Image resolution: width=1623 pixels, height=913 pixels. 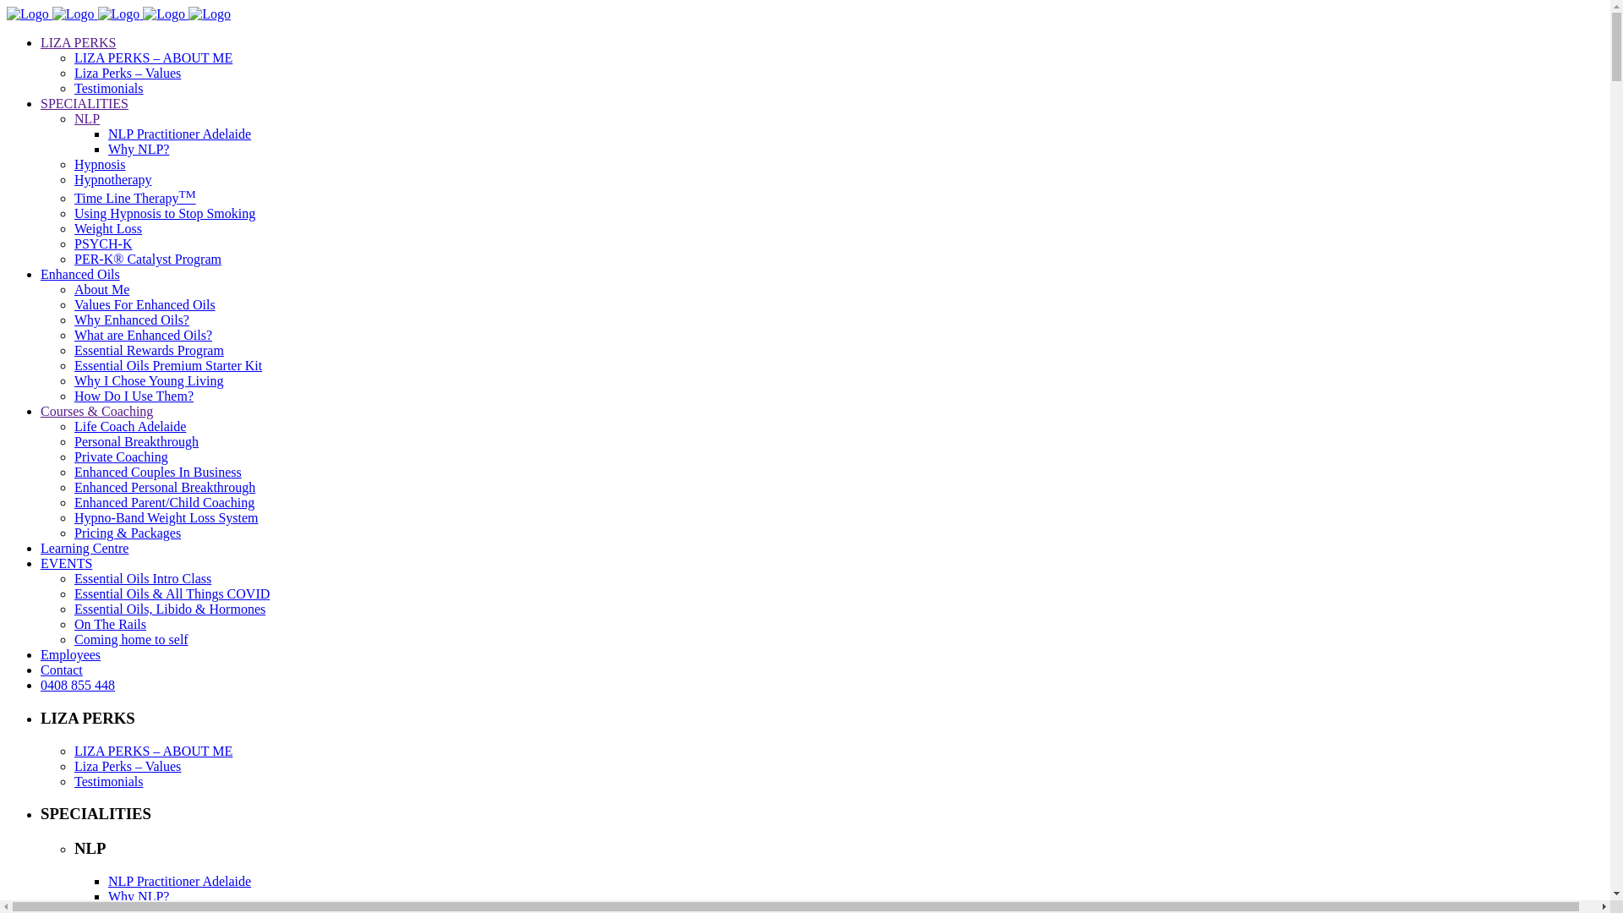 I want to click on 'NLP', so click(x=85, y=118).